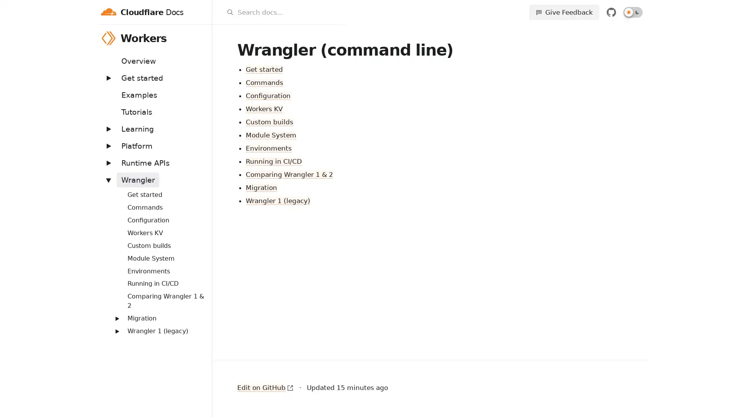 The image size is (742, 417). What do you see at coordinates (107, 162) in the screenshot?
I see `Expand: Runtime APIs` at bounding box center [107, 162].